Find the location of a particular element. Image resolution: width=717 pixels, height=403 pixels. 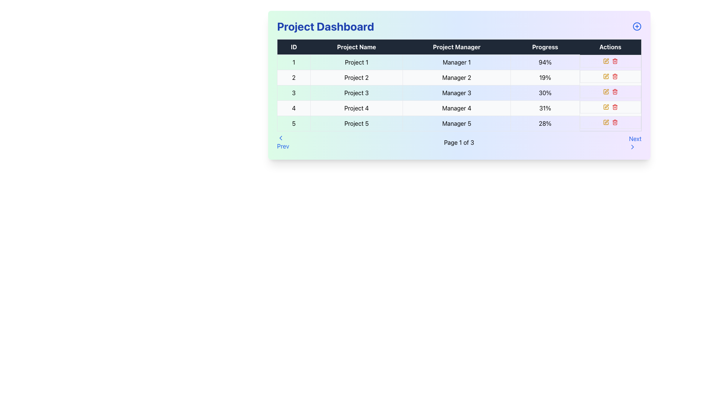

the table header labeled 'Project Manager' with a black background and white text, which is the third header in the table is located at coordinates (456, 47).